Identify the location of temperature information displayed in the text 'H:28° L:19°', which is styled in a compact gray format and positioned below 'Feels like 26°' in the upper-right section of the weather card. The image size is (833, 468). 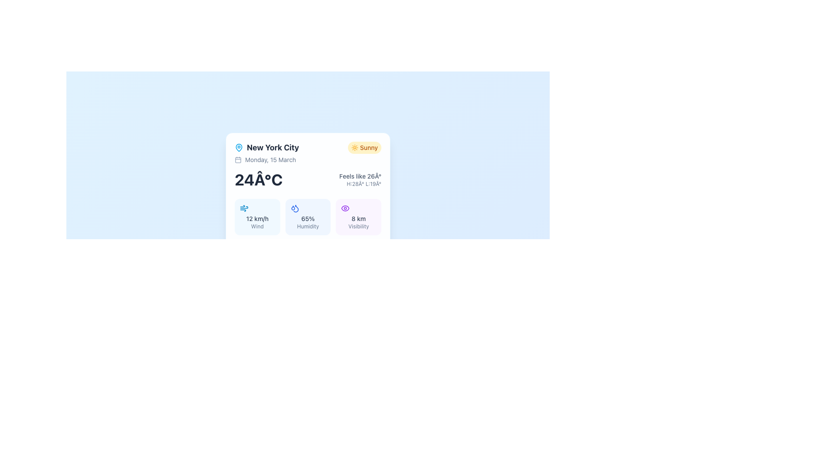
(360, 183).